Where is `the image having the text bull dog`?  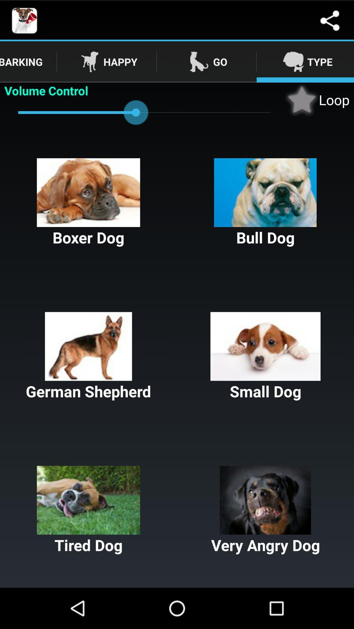 the image having the text bull dog is located at coordinates (265, 202).